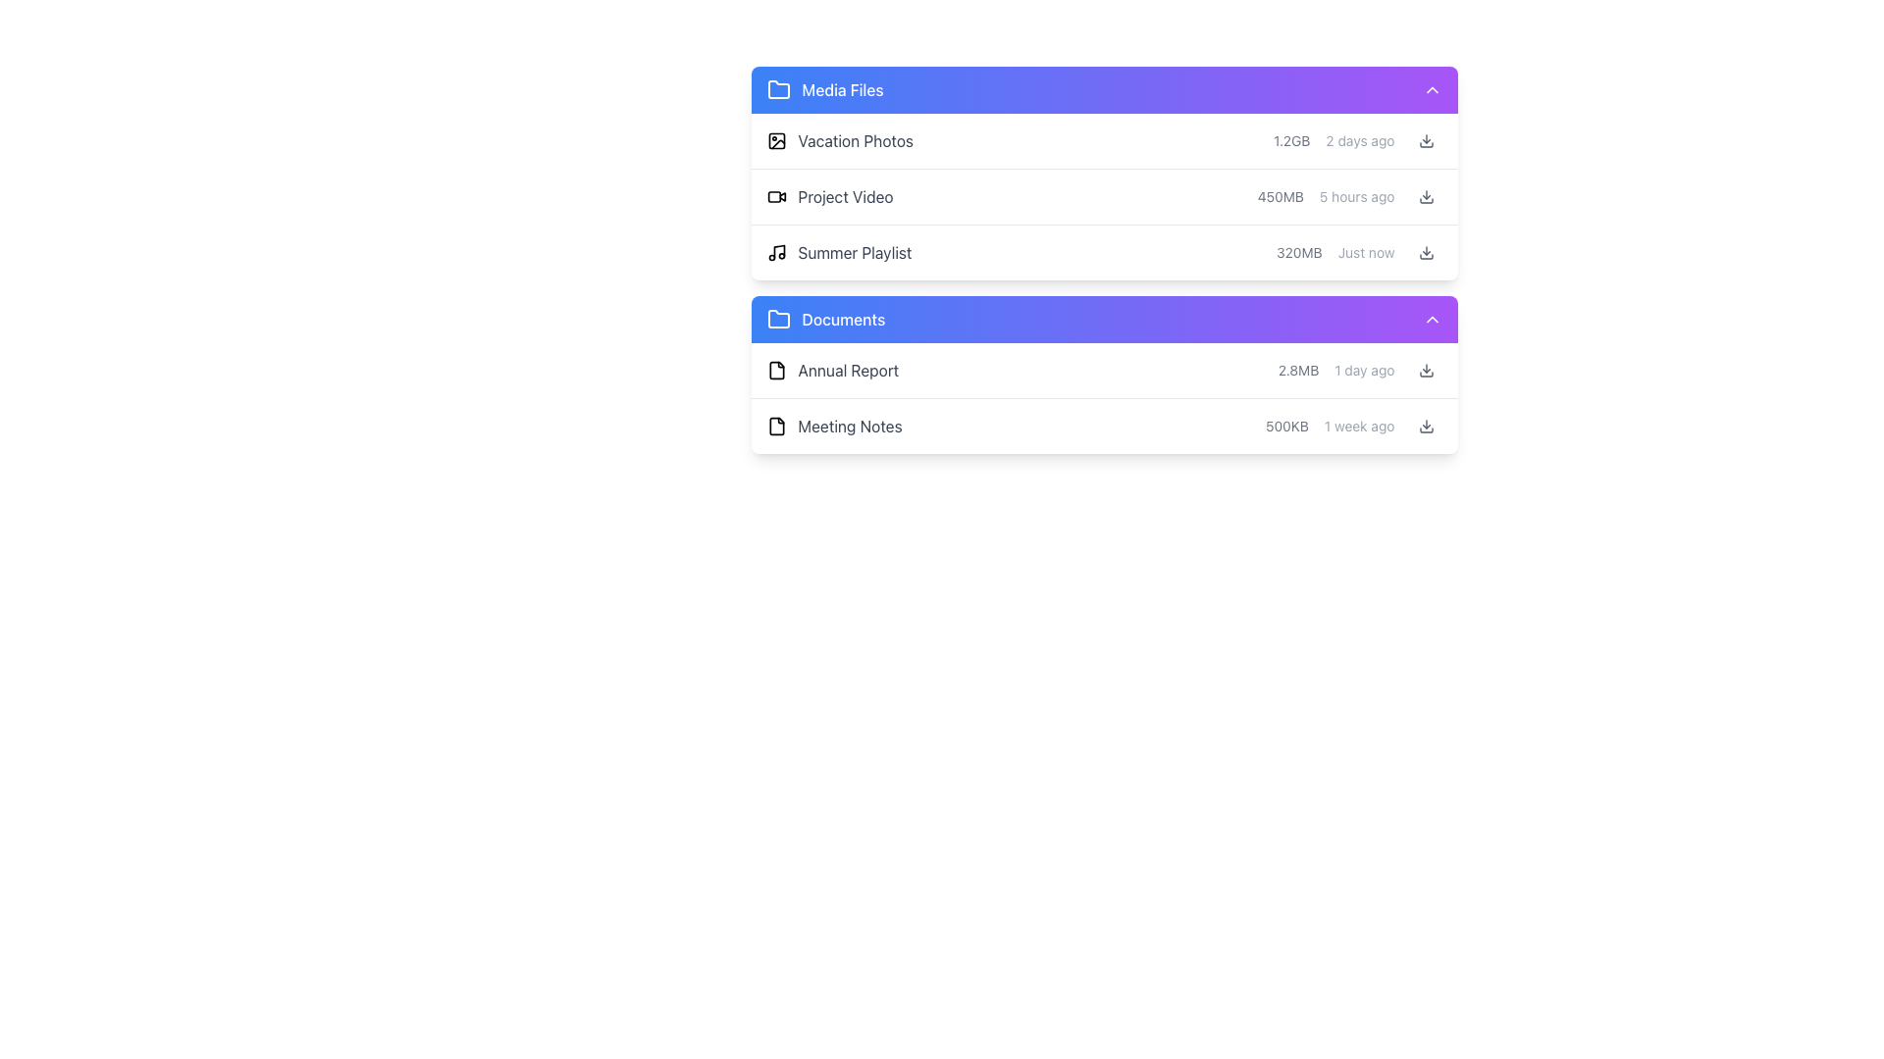 The height and width of the screenshot is (1059, 1884). Describe the element at coordinates (829, 196) in the screenshot. I see `the text label 'Project Video' with its associated icon, located in the second row of the 'Media Files' section, between 'Vacation Photos' and 'Summer Playlist'` at that location.